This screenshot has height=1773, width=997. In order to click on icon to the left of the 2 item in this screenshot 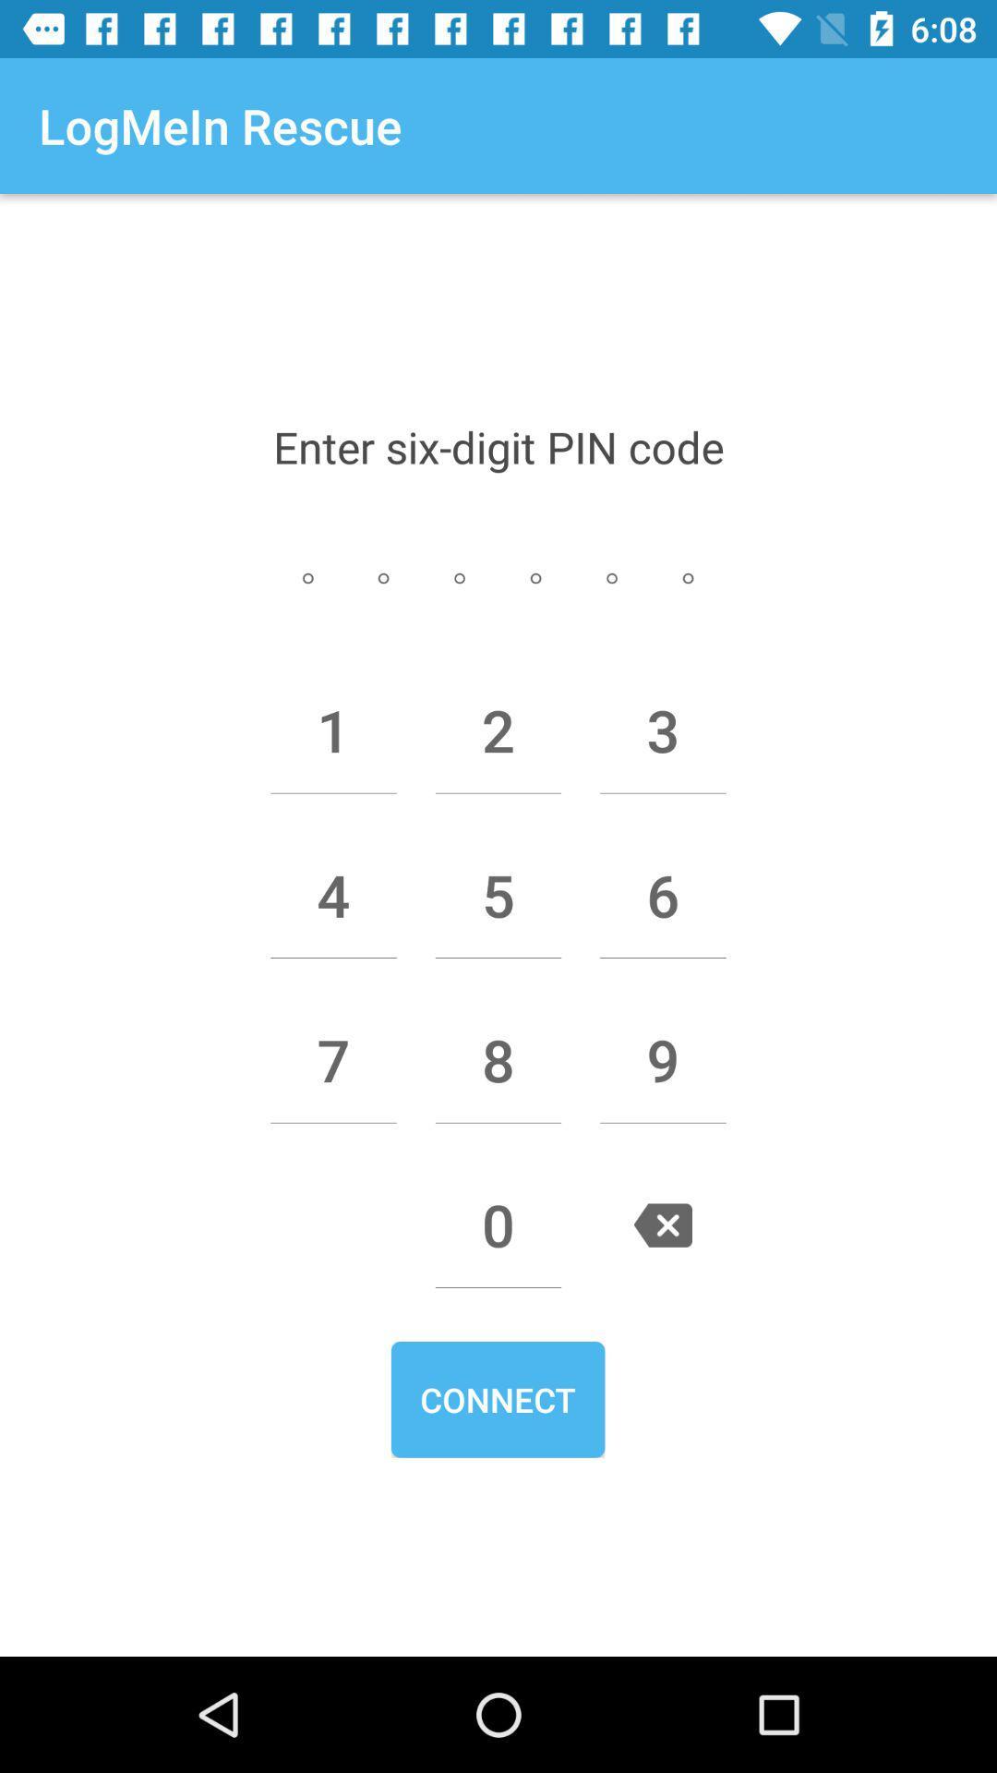, I will do `click(333, 730)`.